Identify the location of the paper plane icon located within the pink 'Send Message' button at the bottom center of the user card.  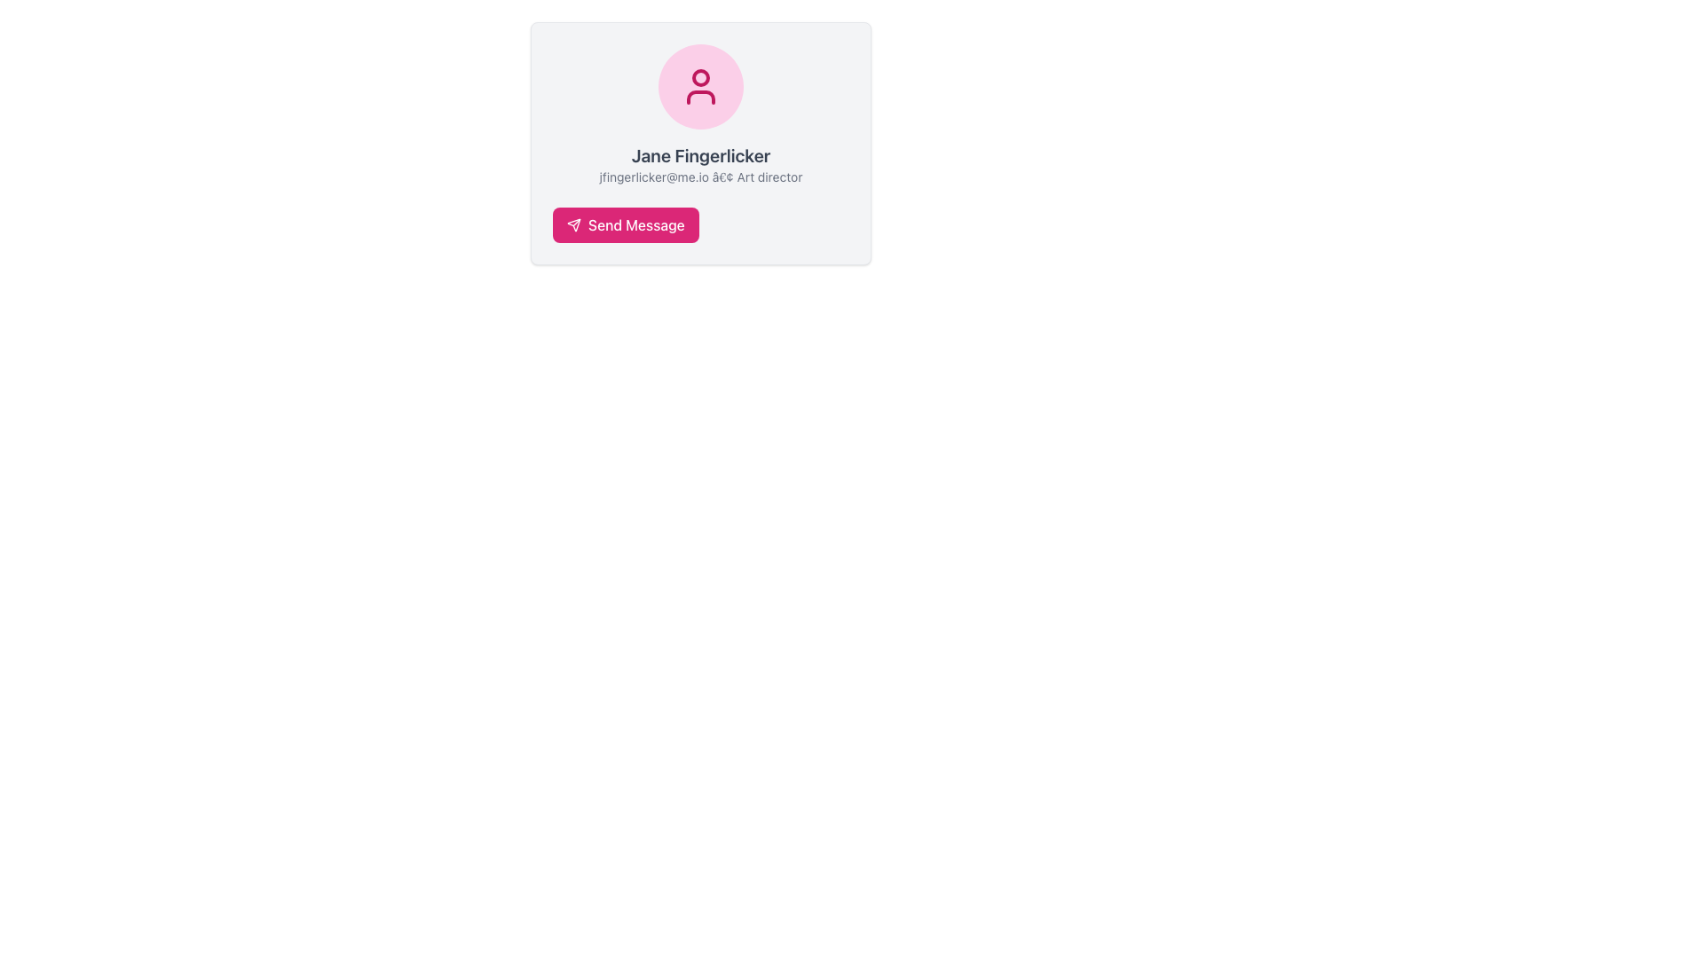
(574, 224).